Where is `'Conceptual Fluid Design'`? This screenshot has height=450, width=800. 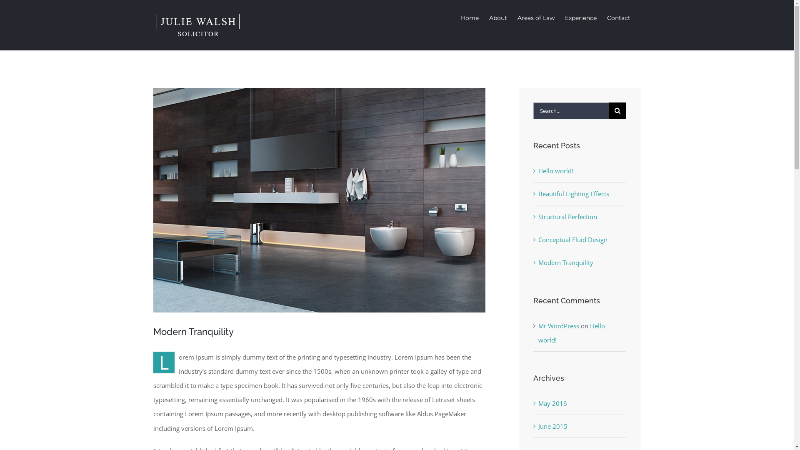
'Conceptual Fluid Design' is located at coordinates (572, 239).